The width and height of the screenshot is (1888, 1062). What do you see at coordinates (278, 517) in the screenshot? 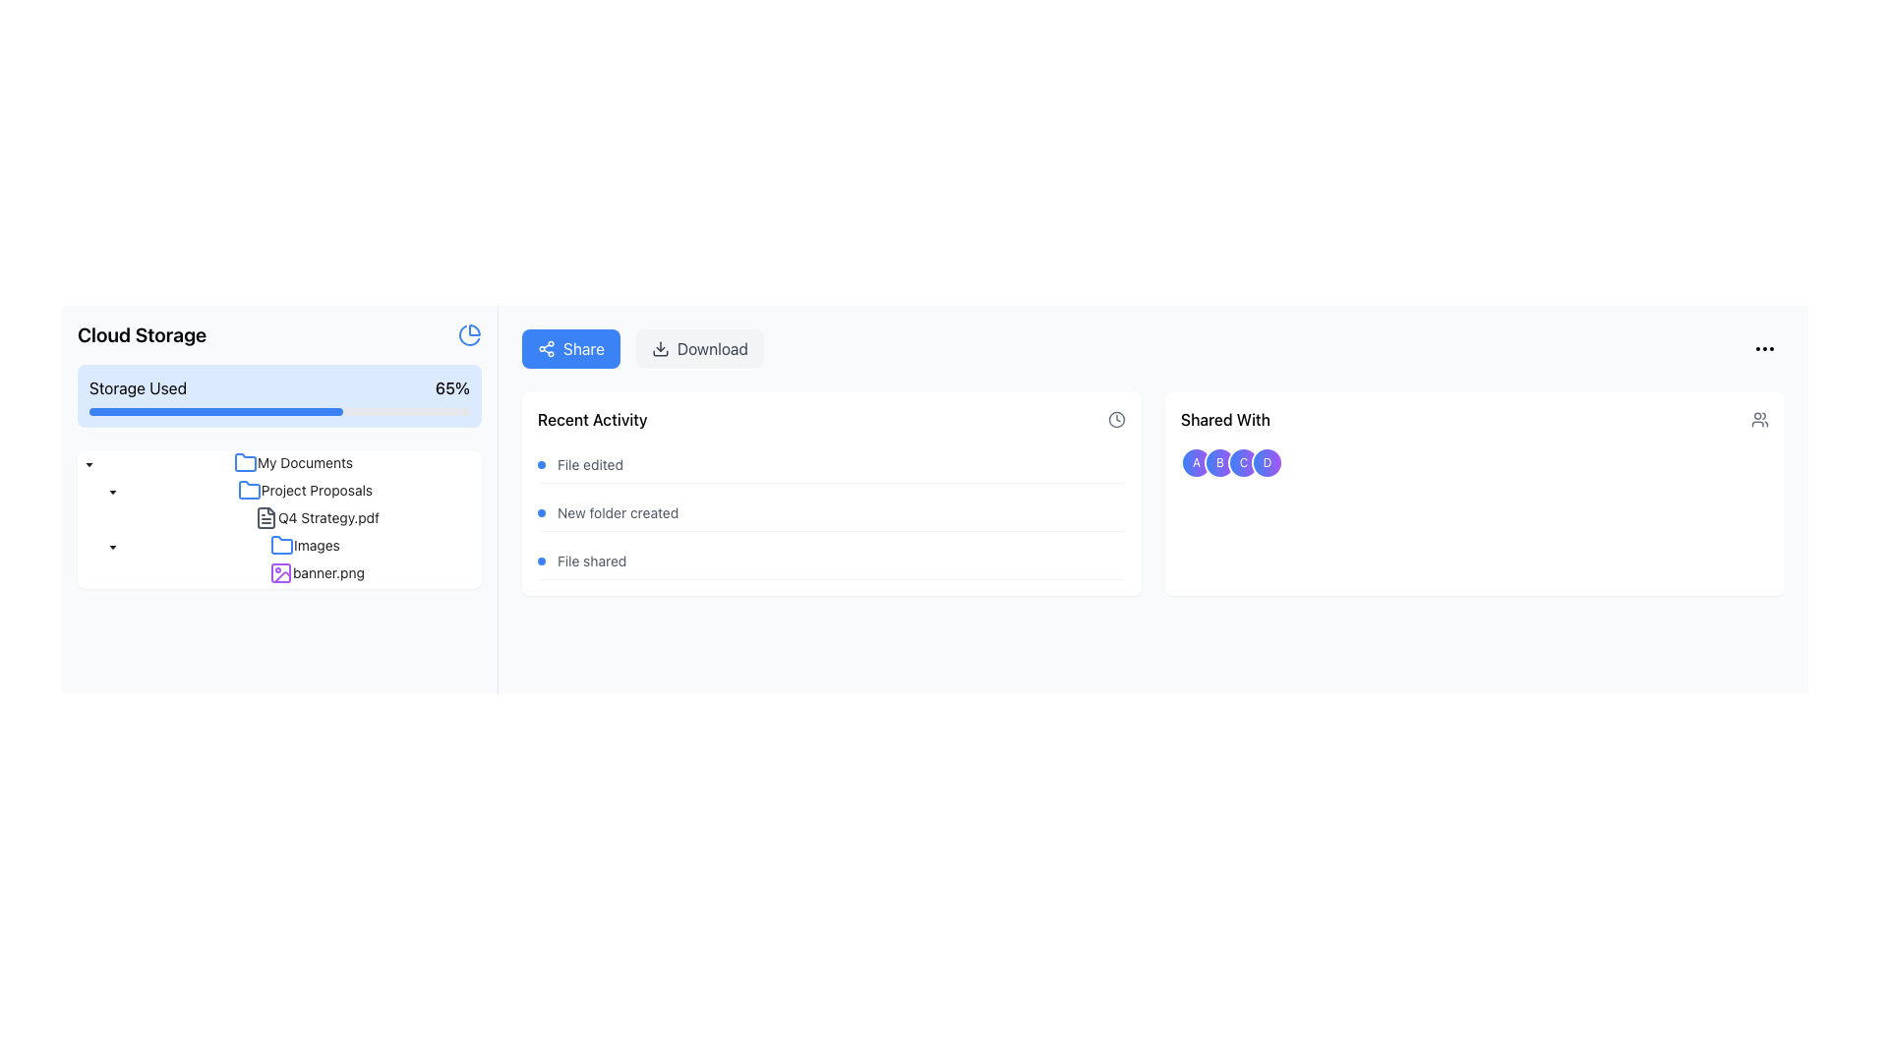
I see `the TreeView item labeled 'Q4 Strategy.pdf'` at bounding box center [278, 517].